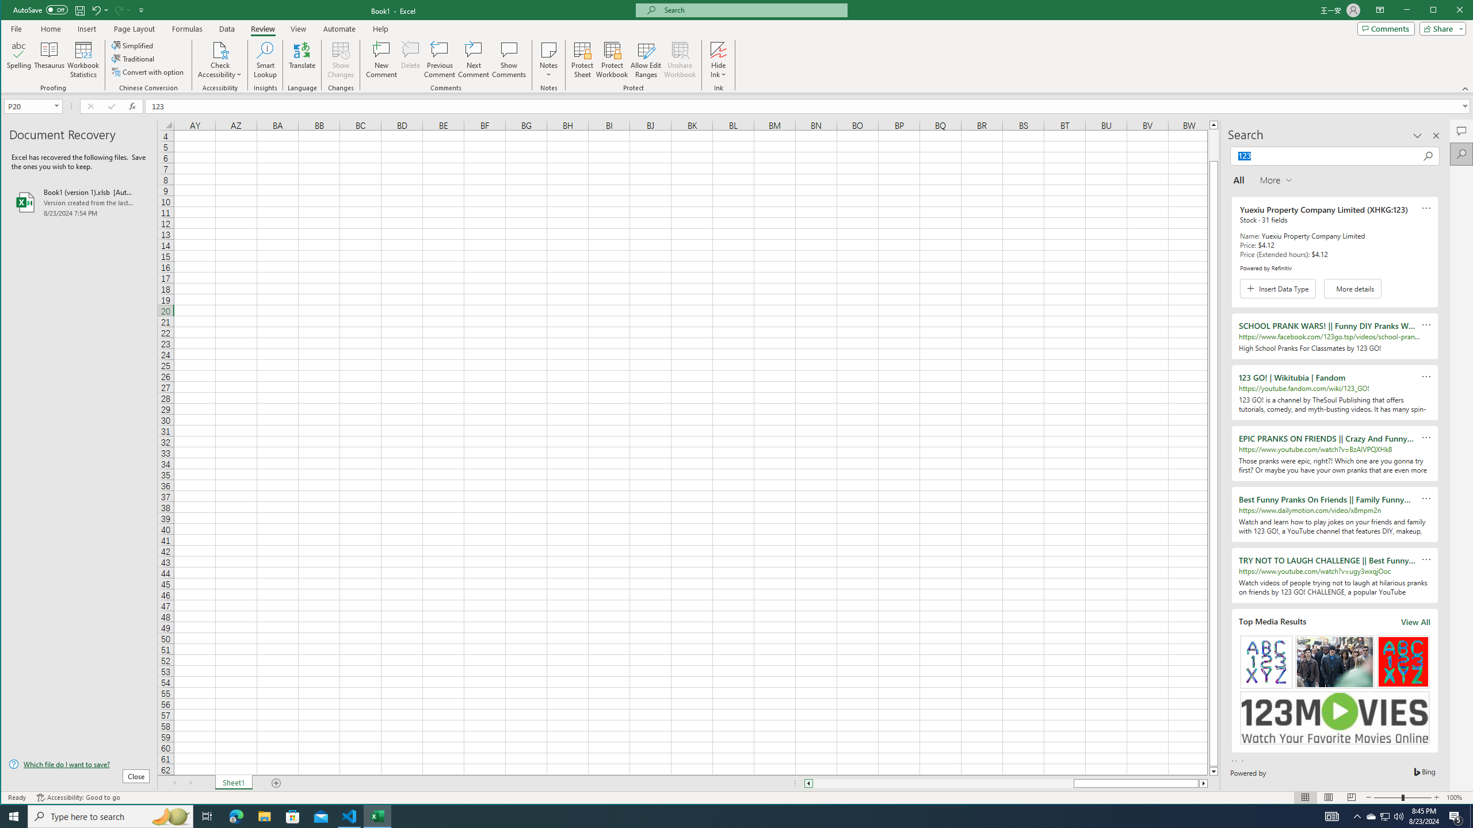 The image size is (1473, 828). Describe the element at coordinates (1466, 88) in the screenshot. I see `'Collapse the Ribbon'` at that location.